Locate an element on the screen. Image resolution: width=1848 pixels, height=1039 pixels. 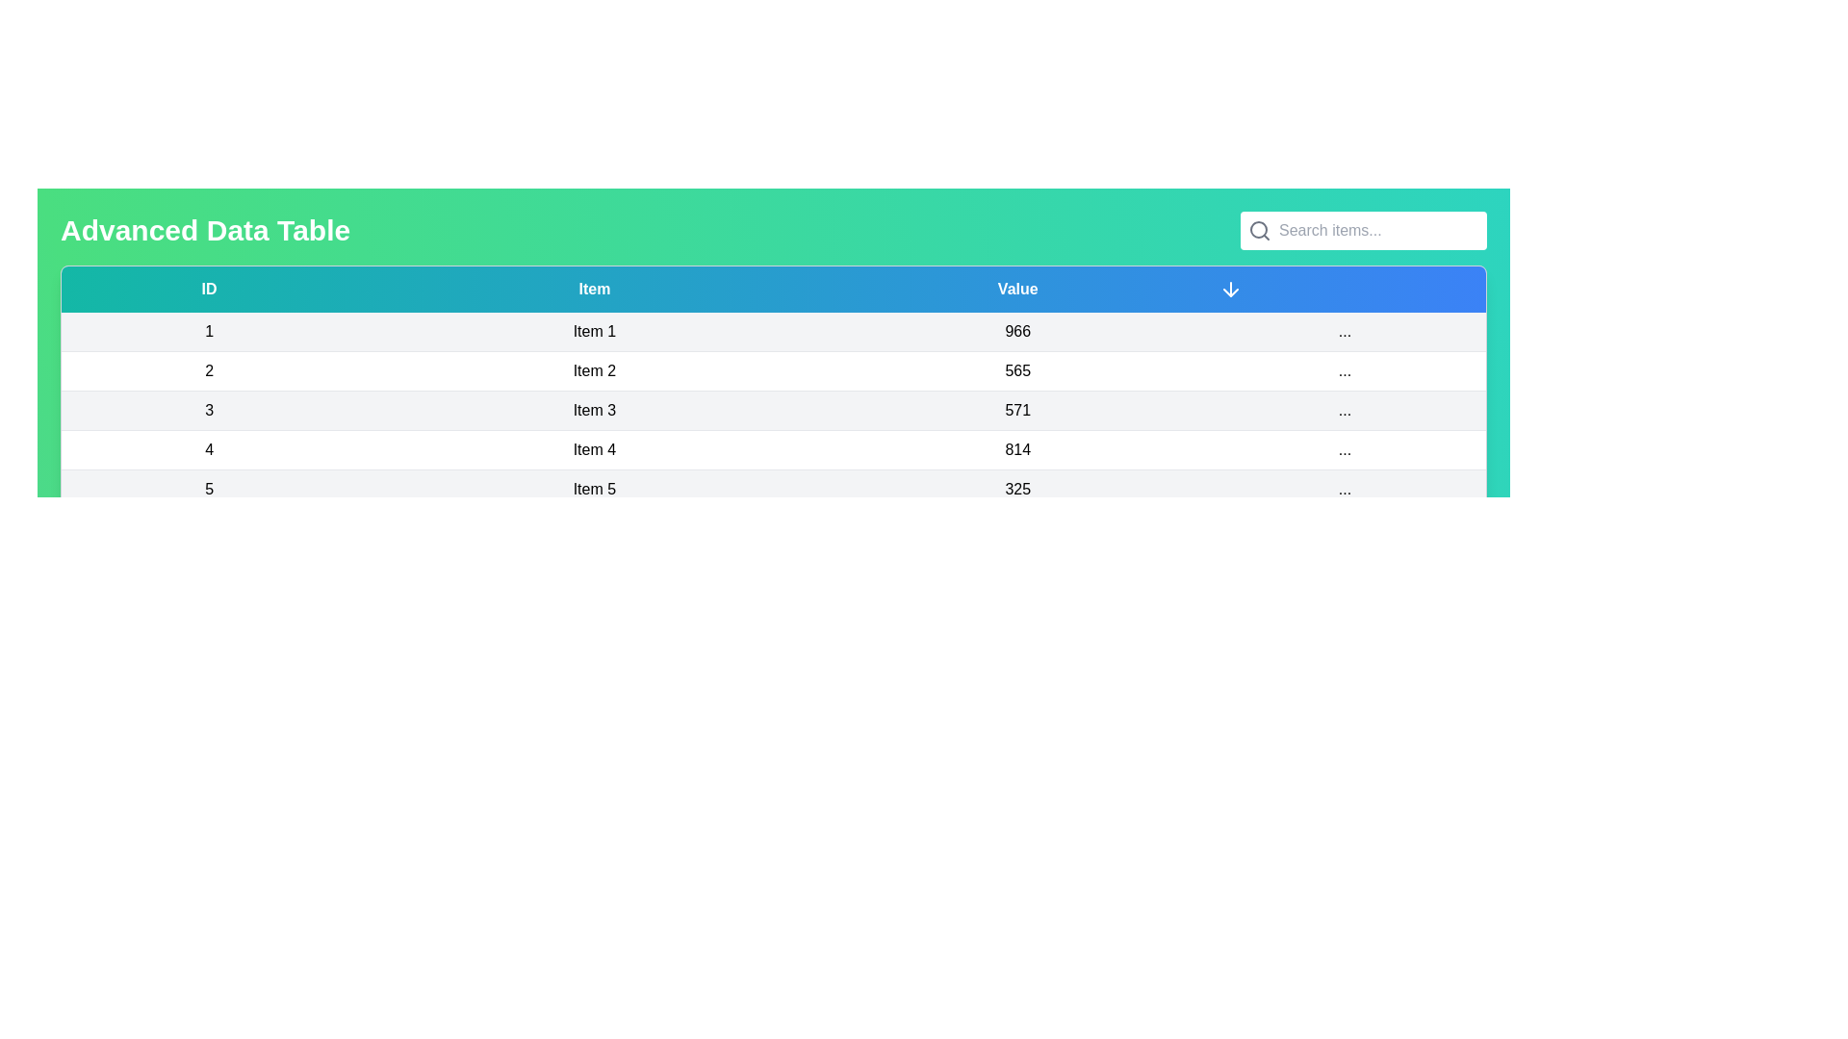
the text in the row corresponding to 3 is located at coordinates (208, 410).